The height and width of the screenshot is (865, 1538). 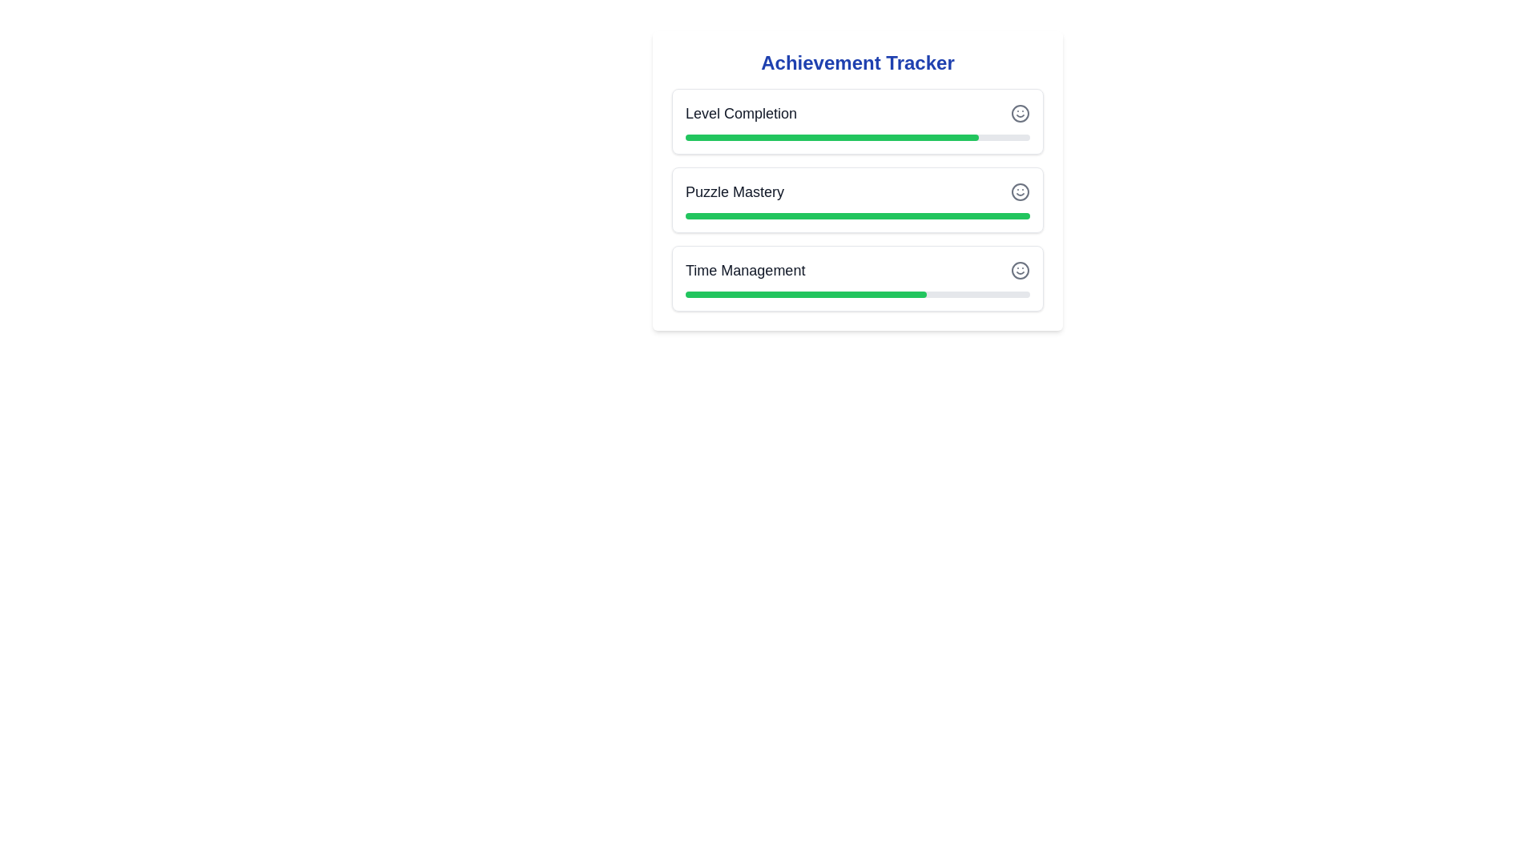 I want to click on the gray-colored smiley face icon located on the far right side of the horizontal bar labeled 'Puzzle Mastery', so click(x=1019, y=191).